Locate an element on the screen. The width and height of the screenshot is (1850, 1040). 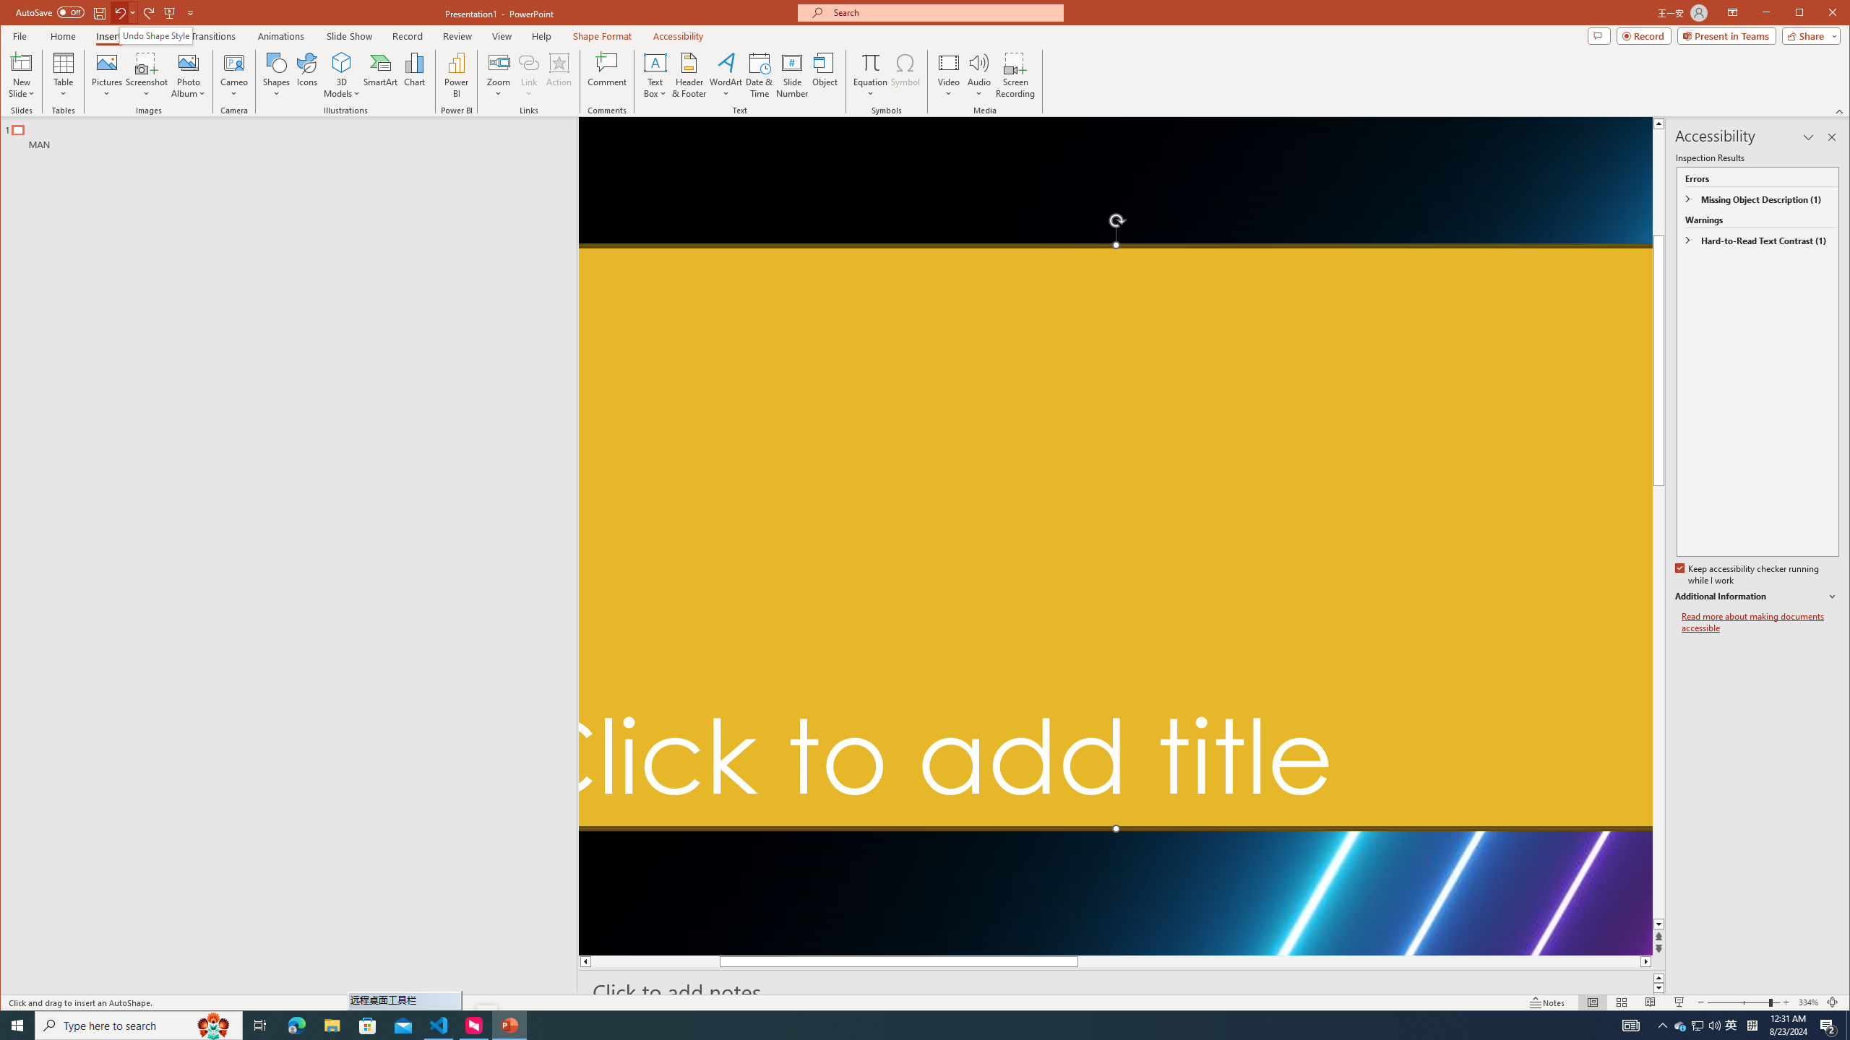
'3D Models' is located at coordinates (341, 61).